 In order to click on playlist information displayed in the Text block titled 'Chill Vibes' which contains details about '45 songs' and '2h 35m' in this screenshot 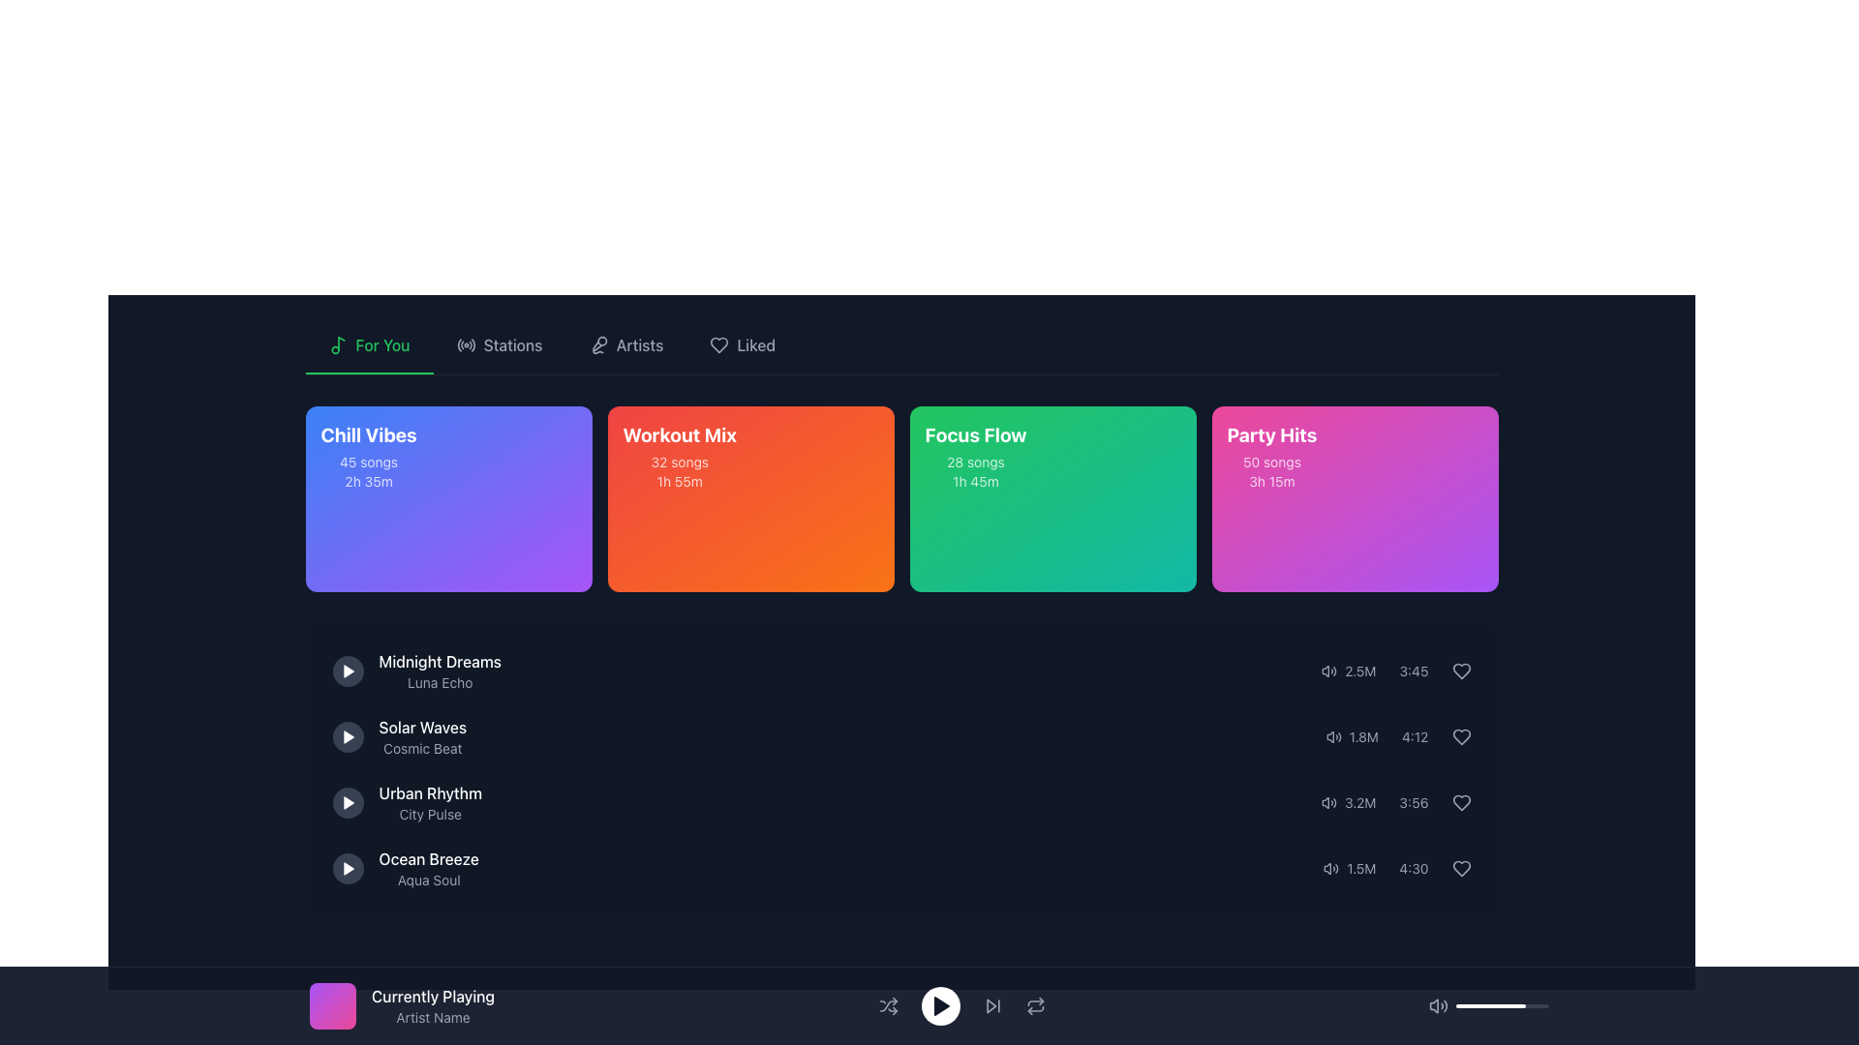, I will do `click(369, 456)`.